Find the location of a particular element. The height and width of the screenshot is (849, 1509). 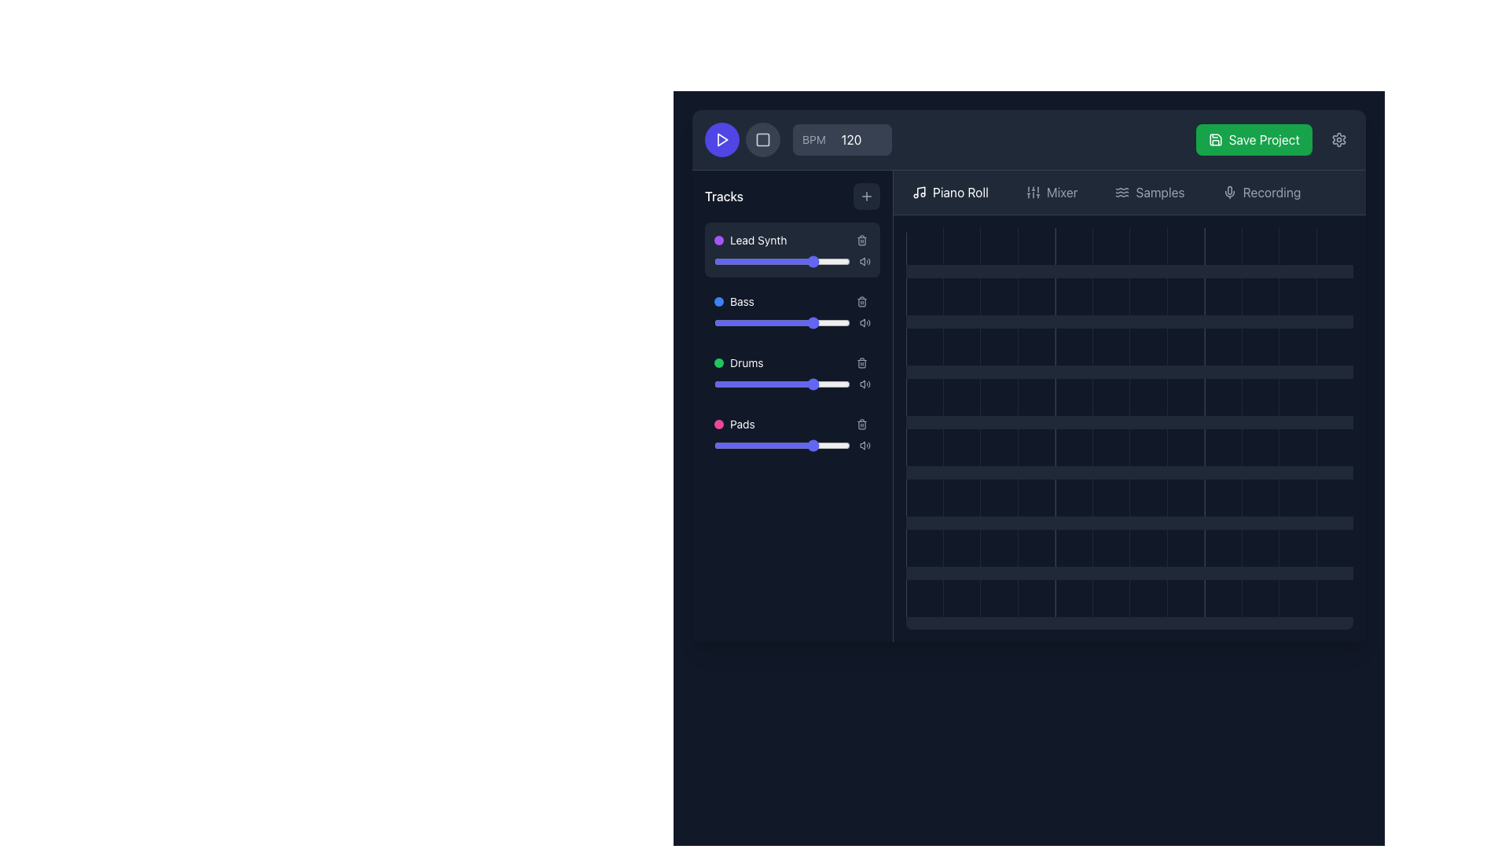

the sound toggle icon (Speaker with sound waves) located at the far right of the 'Tracks' section, which allows sound-related adjustments for a specific track is located at coordinates (864, 322).